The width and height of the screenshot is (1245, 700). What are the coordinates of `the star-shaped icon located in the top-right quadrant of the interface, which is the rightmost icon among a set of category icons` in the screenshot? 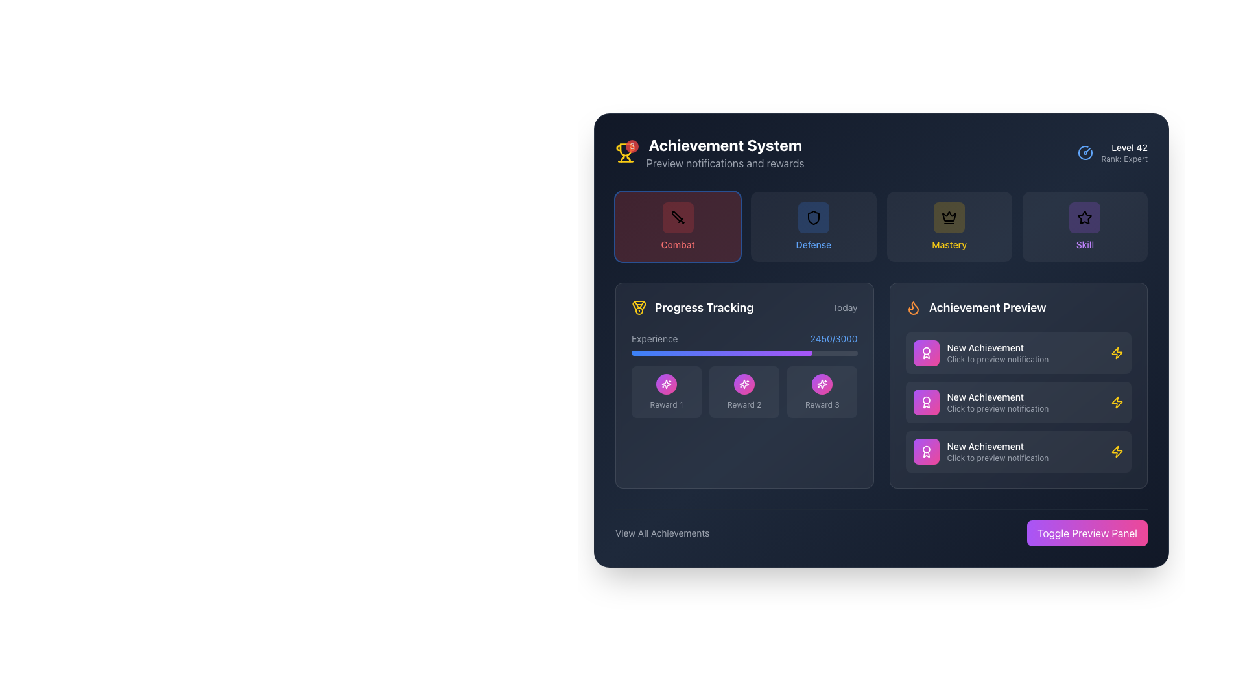 It's located at (1085, 216).